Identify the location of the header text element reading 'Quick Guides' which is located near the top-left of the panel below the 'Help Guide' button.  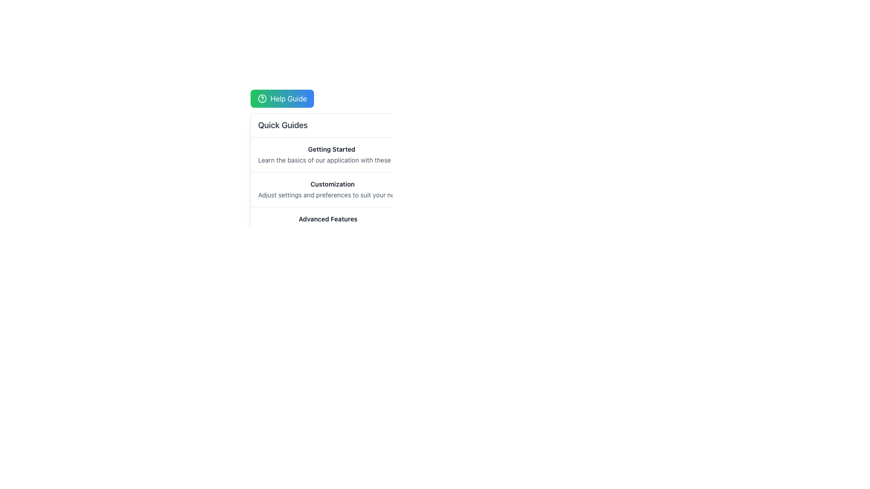
(282, 125).